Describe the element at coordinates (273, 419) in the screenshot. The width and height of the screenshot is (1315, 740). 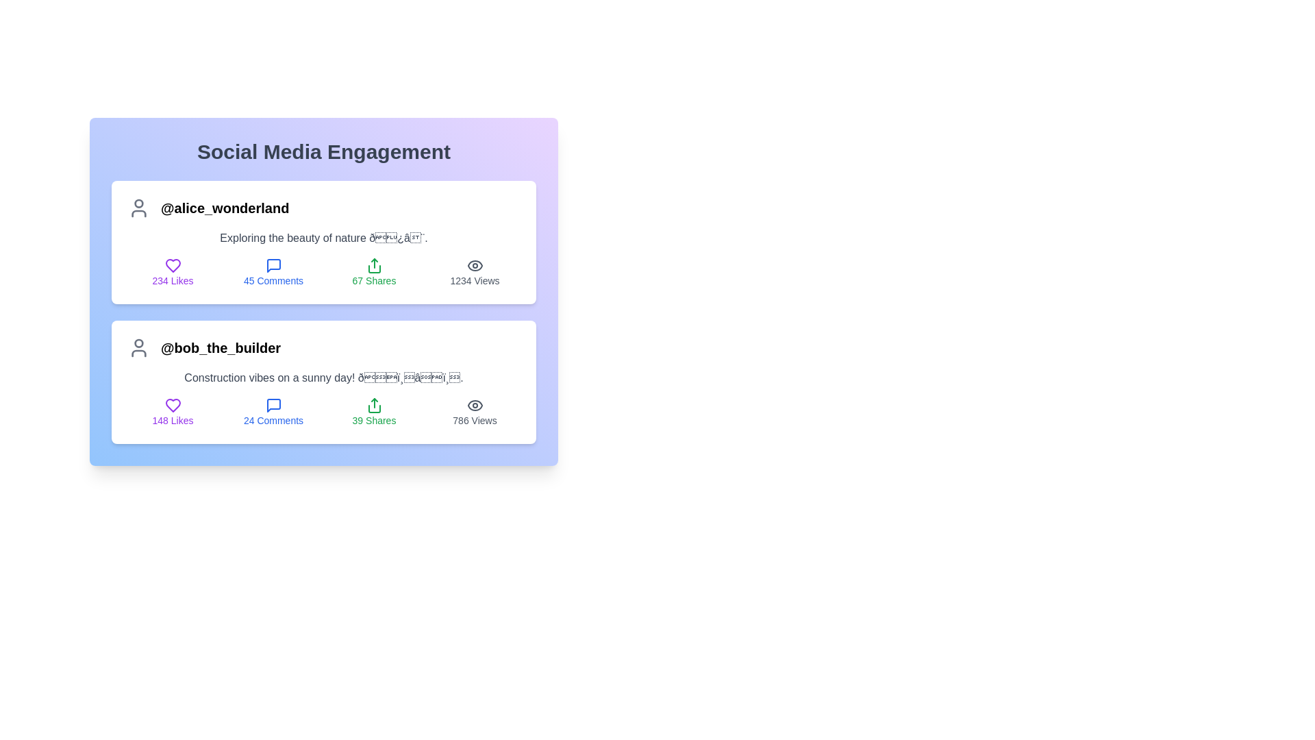
I see `the interactive text label '24 Comments' next to the comment icon, which is visually styled to indicate interactivity, located within the card for '@bob_the_builder'` at that location.